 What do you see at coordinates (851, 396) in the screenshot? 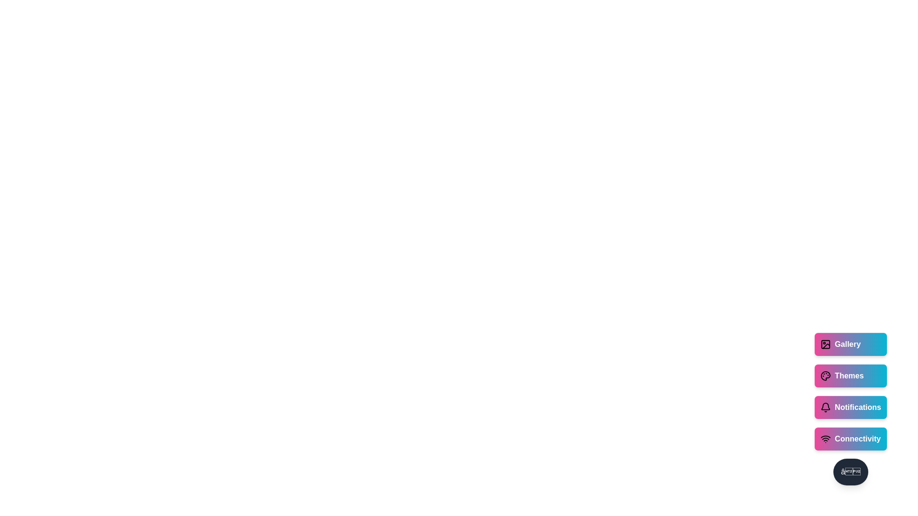
I see `the 'Notifications' button, which is the third button in a vertical stack with a gradient background and a bell icon` at bounding box center [851, 396].